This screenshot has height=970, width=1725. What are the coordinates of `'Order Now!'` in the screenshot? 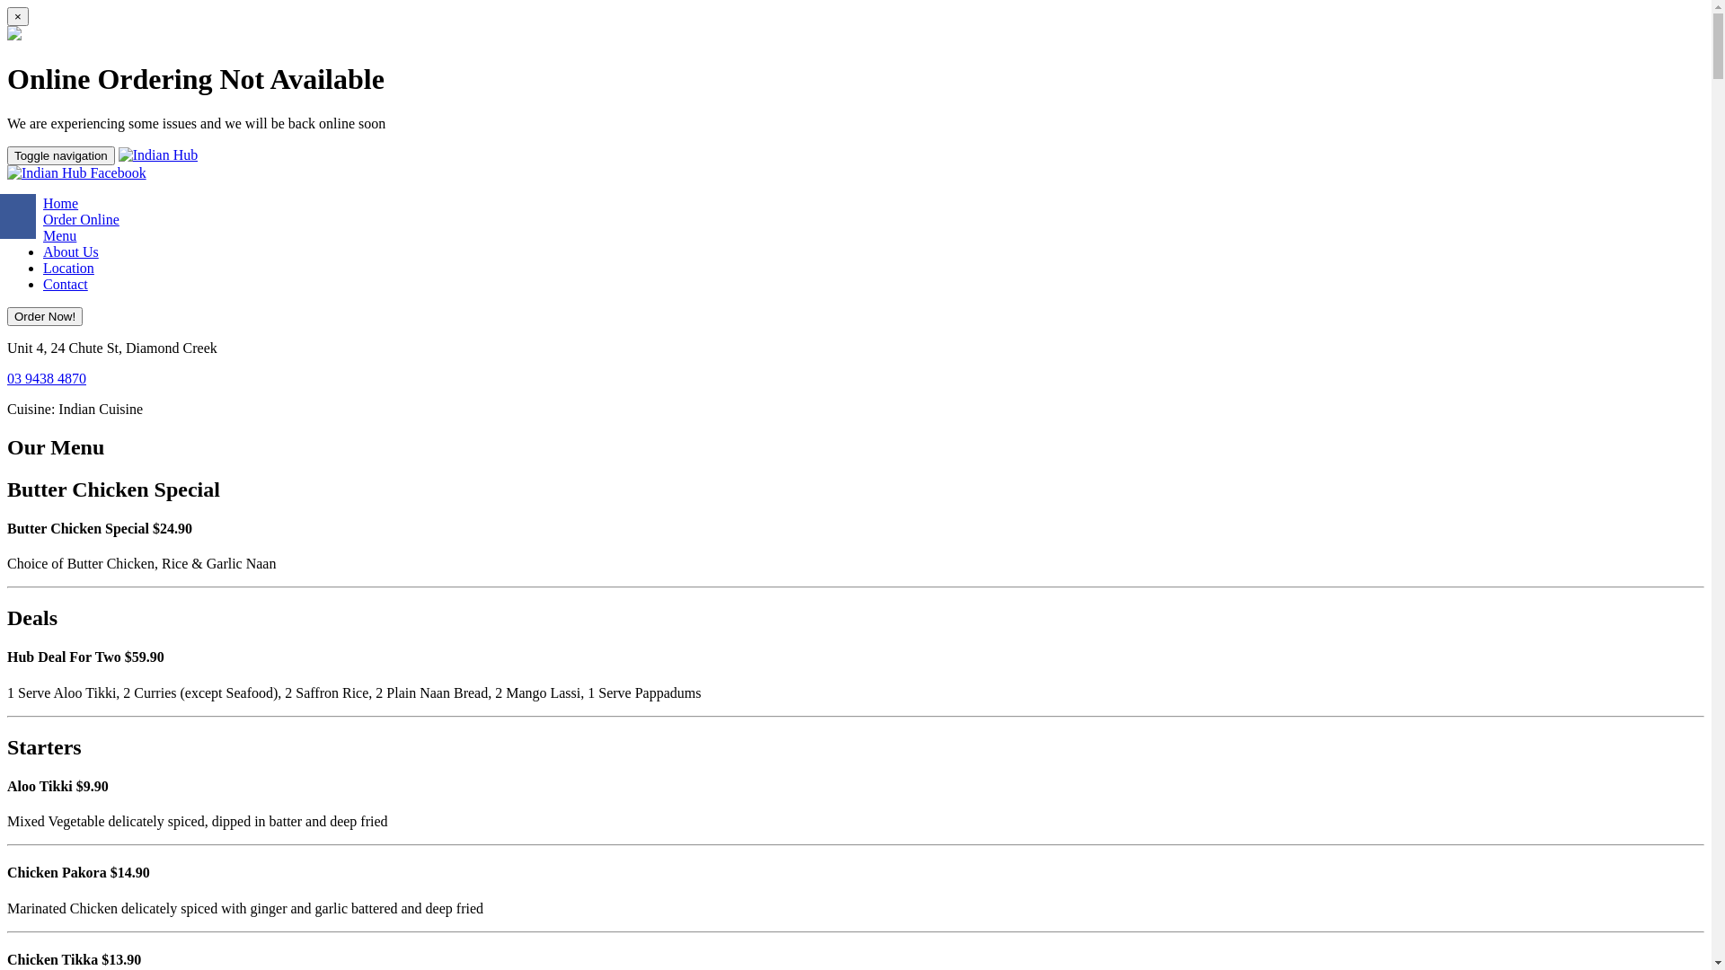 It's located at (44, 314).